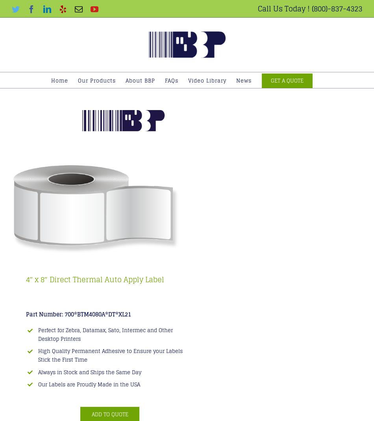 The image size is (374, 421). Describe the element at coordinates (207, 80) in the screenshot. I see `'Video Library'` at that location.